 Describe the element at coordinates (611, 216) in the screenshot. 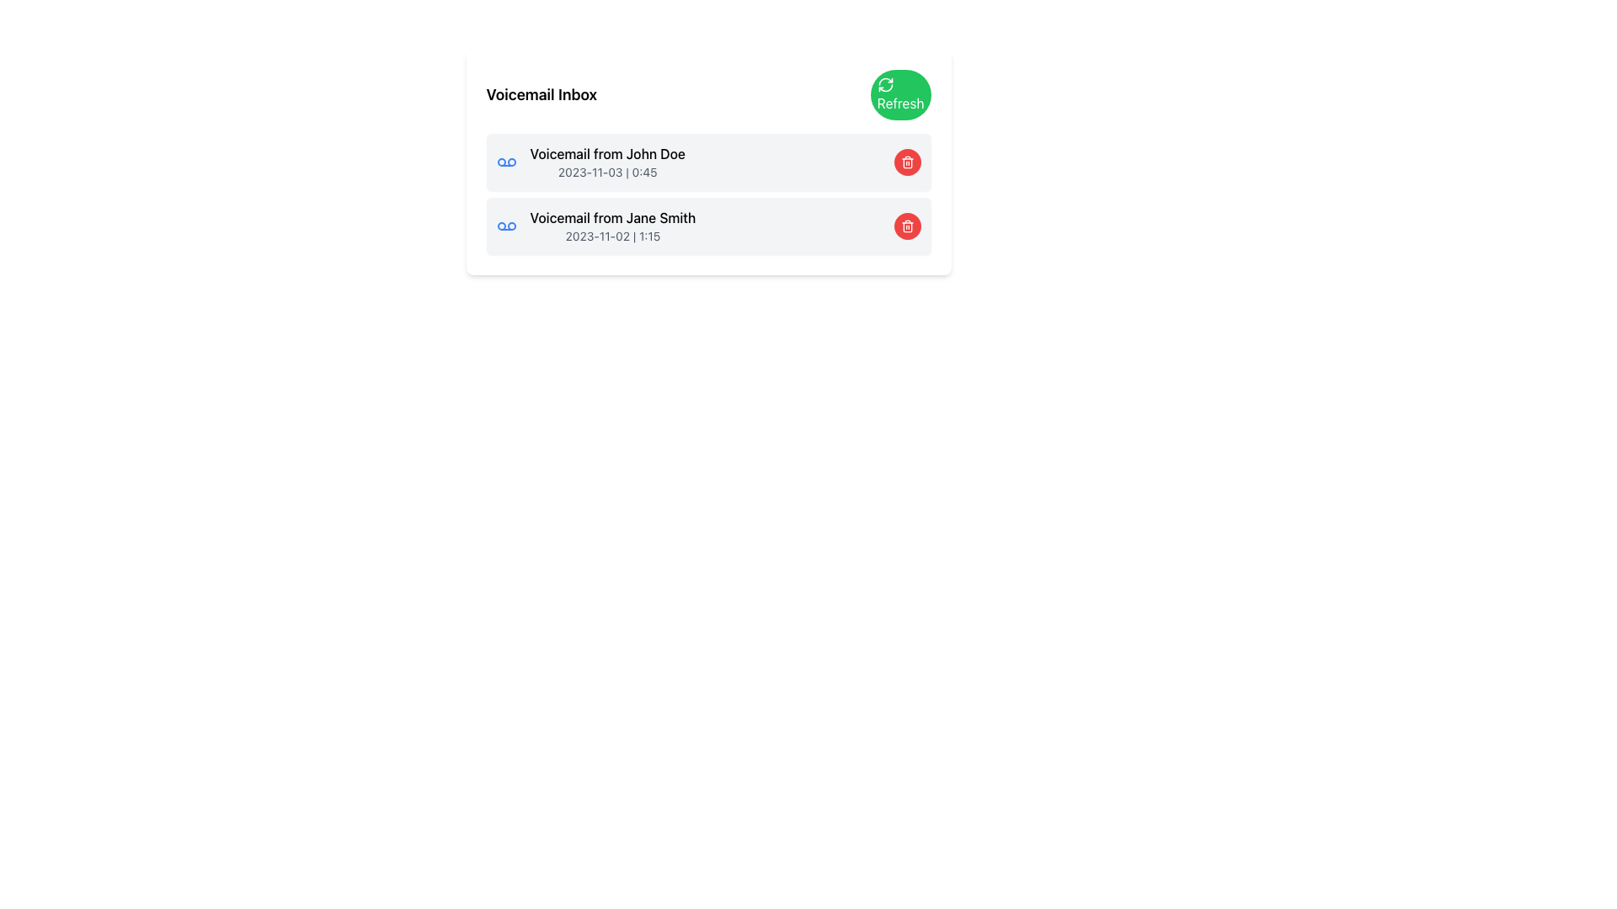

I see `text label displaying 'Voicemail from Jane Smith' located in the second row of the voicemail list` at that location.